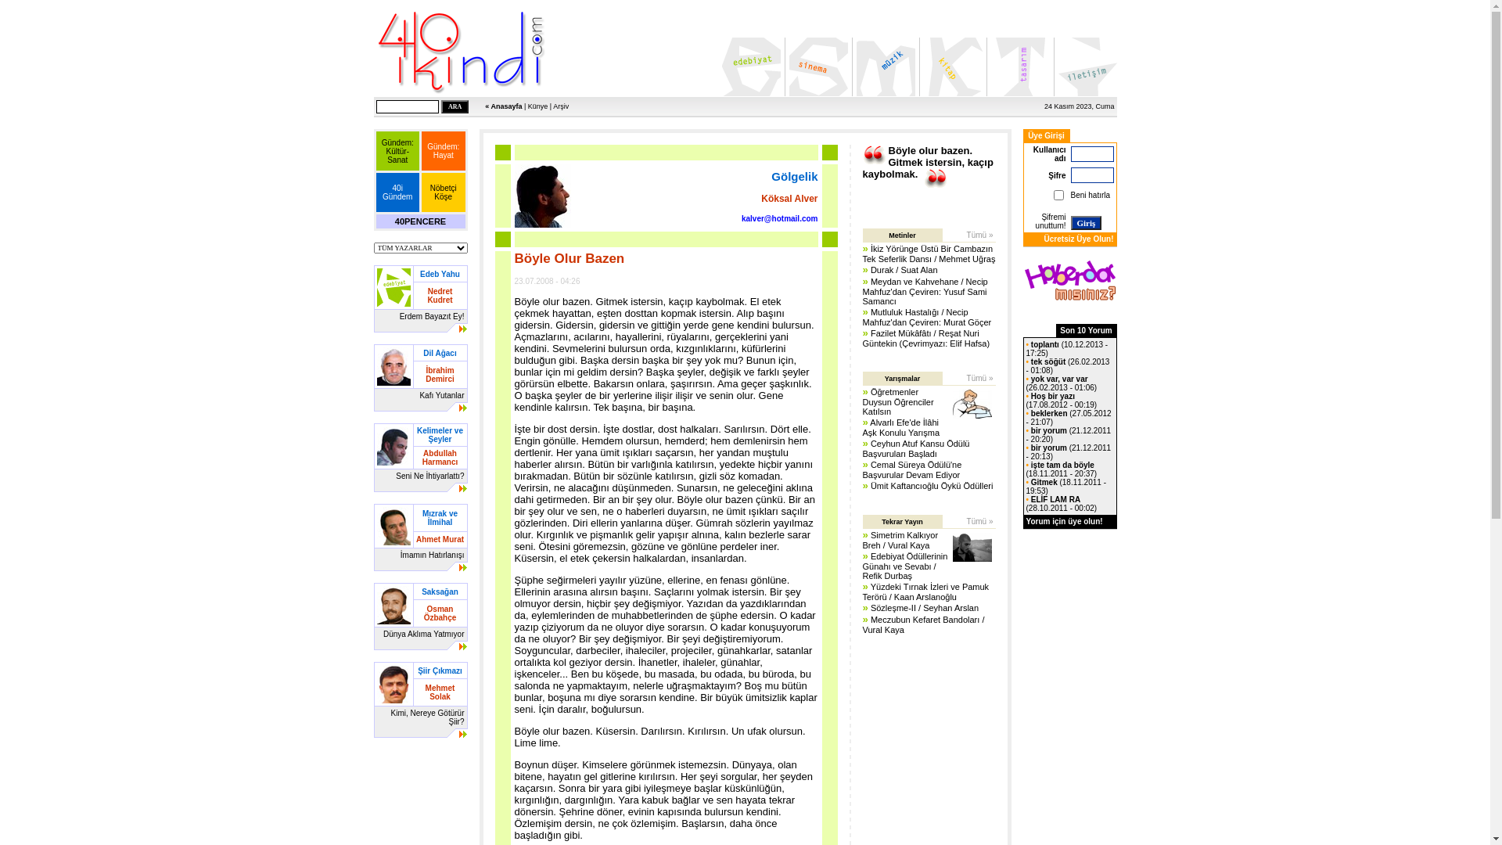 The width and height of the screenshot is (1502, 845). I want to click on 'Sinema', so click(817, 66).